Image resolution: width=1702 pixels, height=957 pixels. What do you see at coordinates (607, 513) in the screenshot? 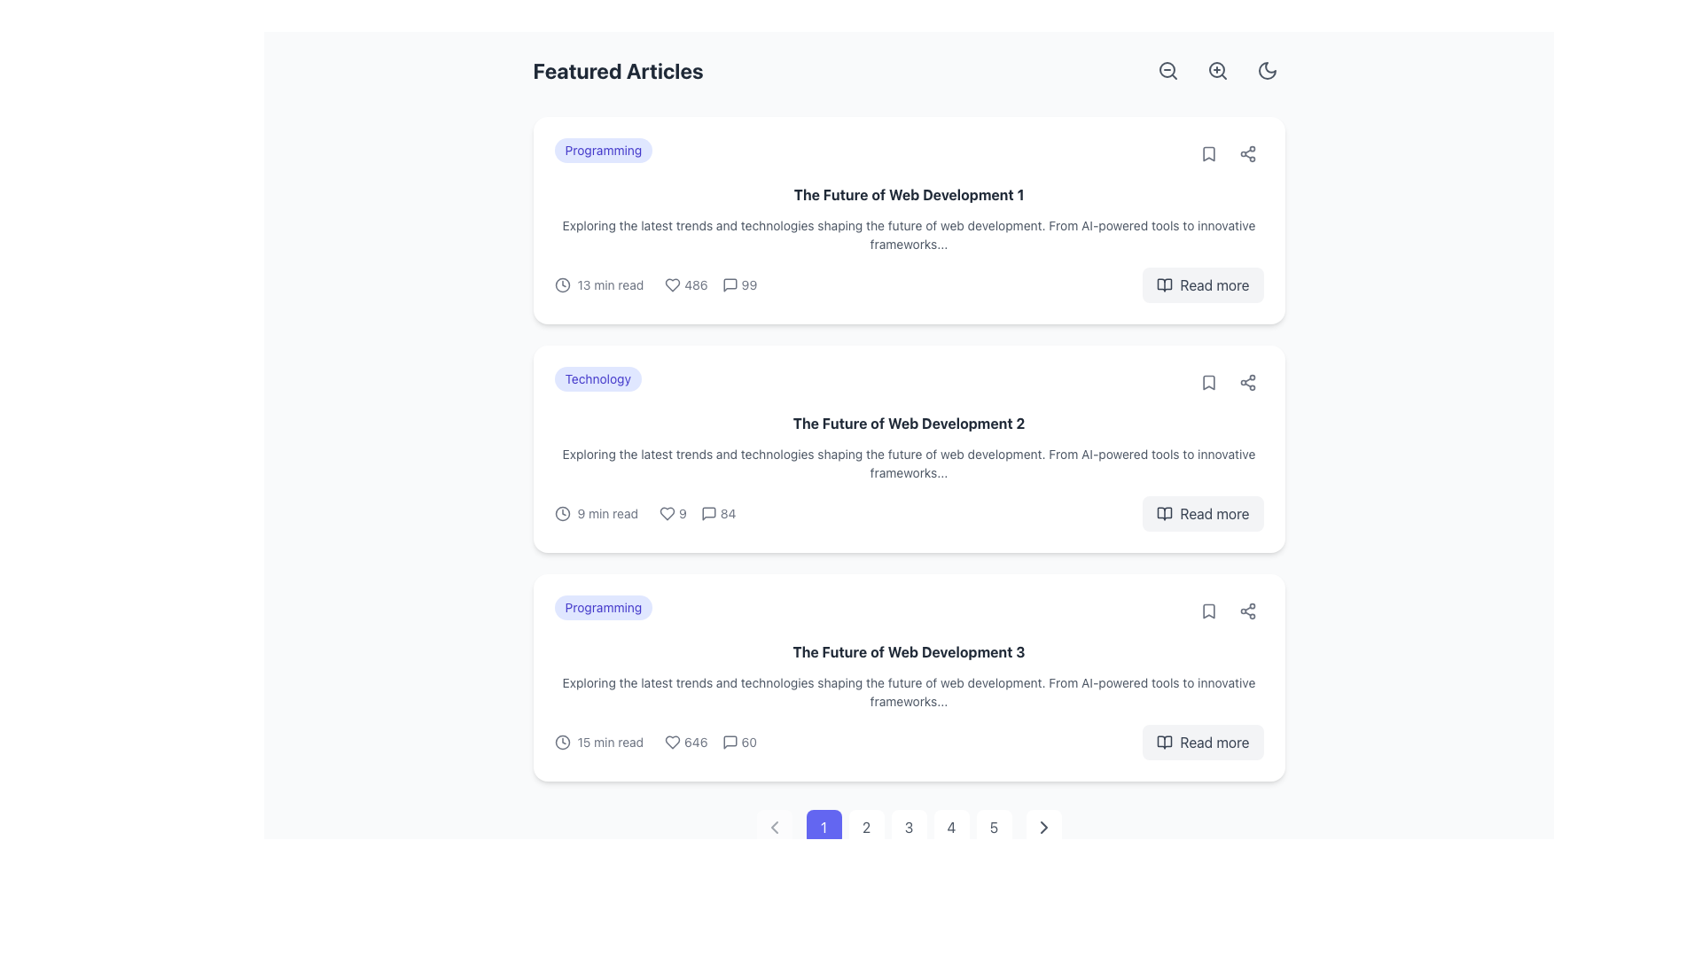
I see `the text label displaying '9 min read' which indicates the duration of the article, located in the second article card beneath the article description` at bounding box center [607, 513].